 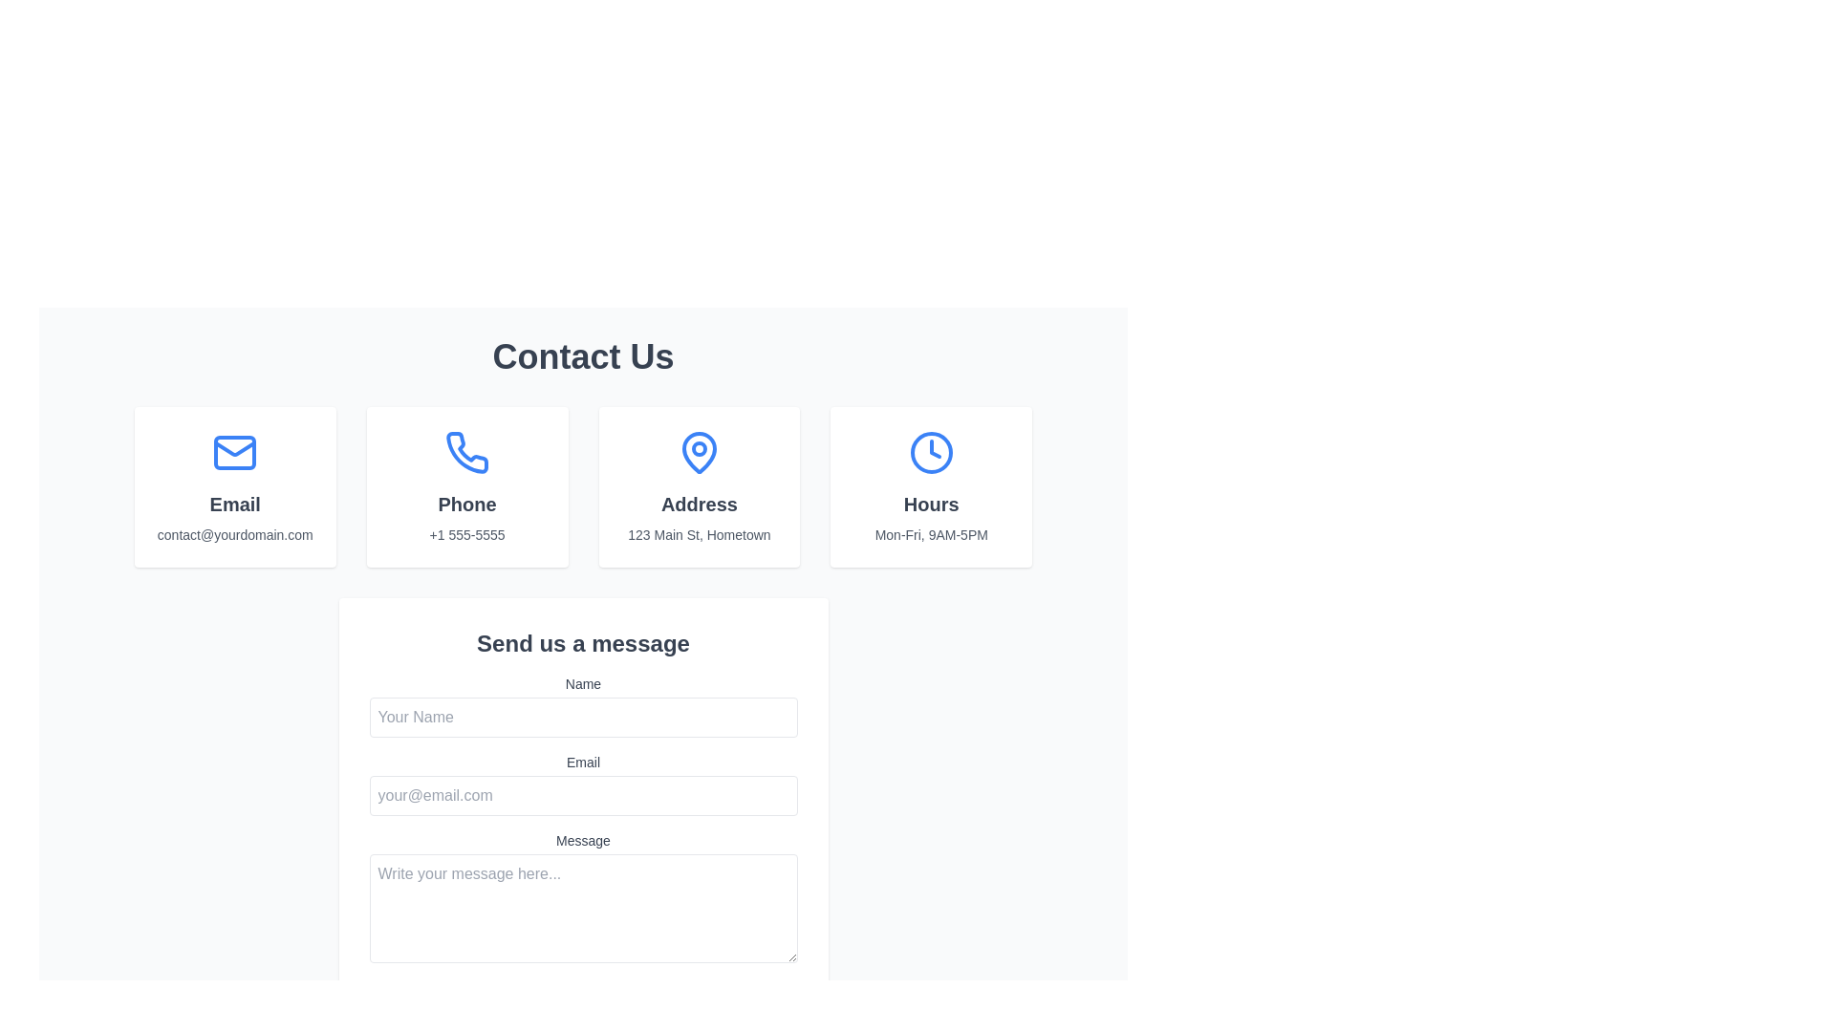 I want to click on the text label that reads 'contact@yourdomain.com', which is styled in a smaller gray font and is located within the 'Email' contact box of the 'Contact Us' section, so click(x=234, y=534).